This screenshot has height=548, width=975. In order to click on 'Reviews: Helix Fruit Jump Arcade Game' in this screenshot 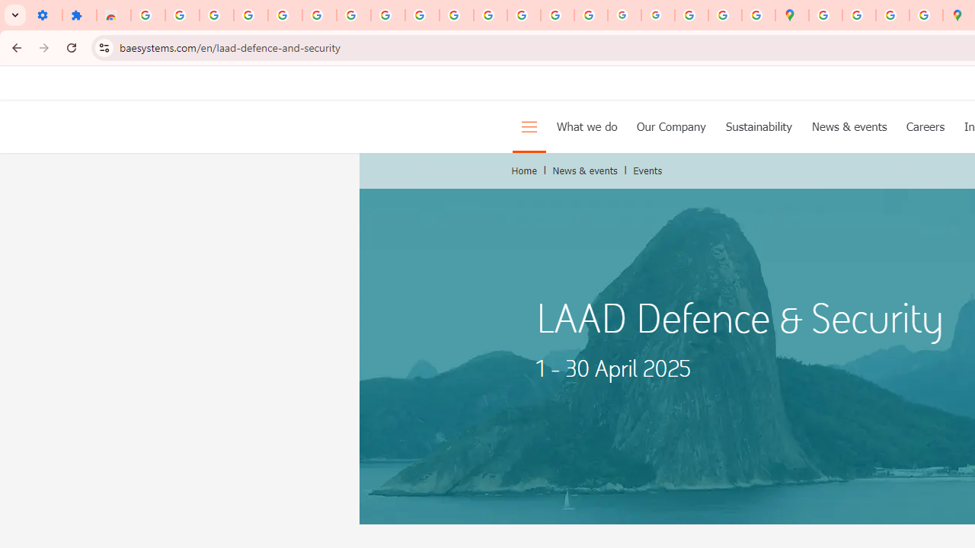, I will do `click(113, 15)`.